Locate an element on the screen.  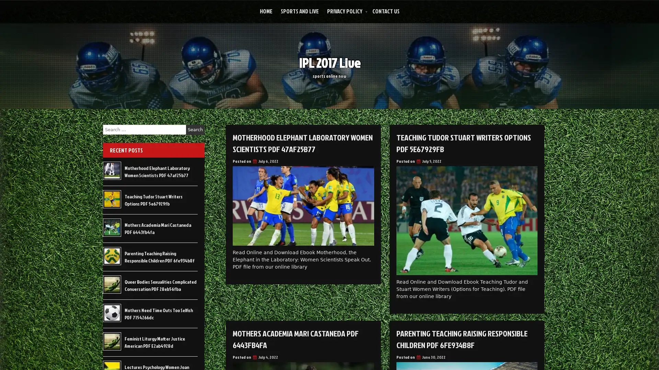
Search is located at coordinates (195, 129).